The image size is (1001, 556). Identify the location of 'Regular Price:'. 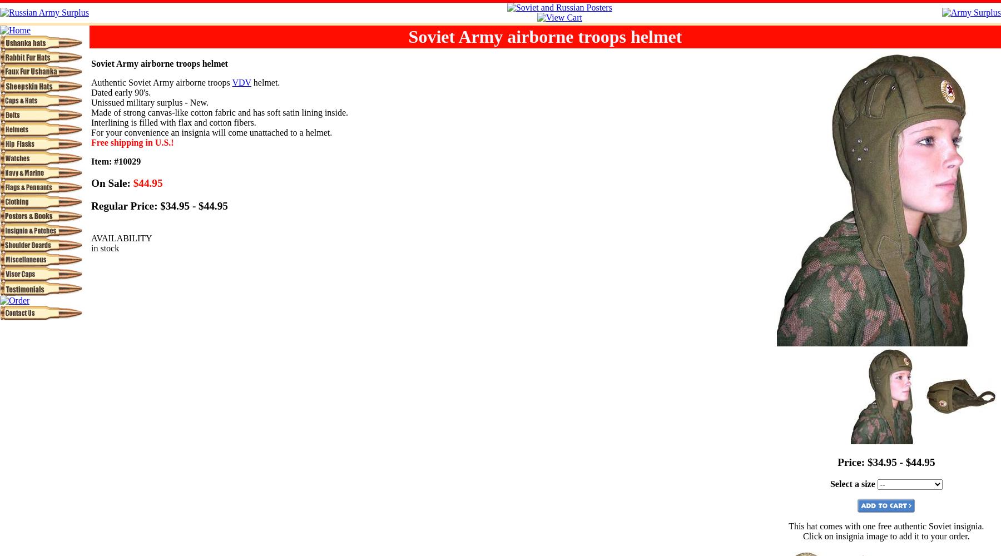
(124, 205).